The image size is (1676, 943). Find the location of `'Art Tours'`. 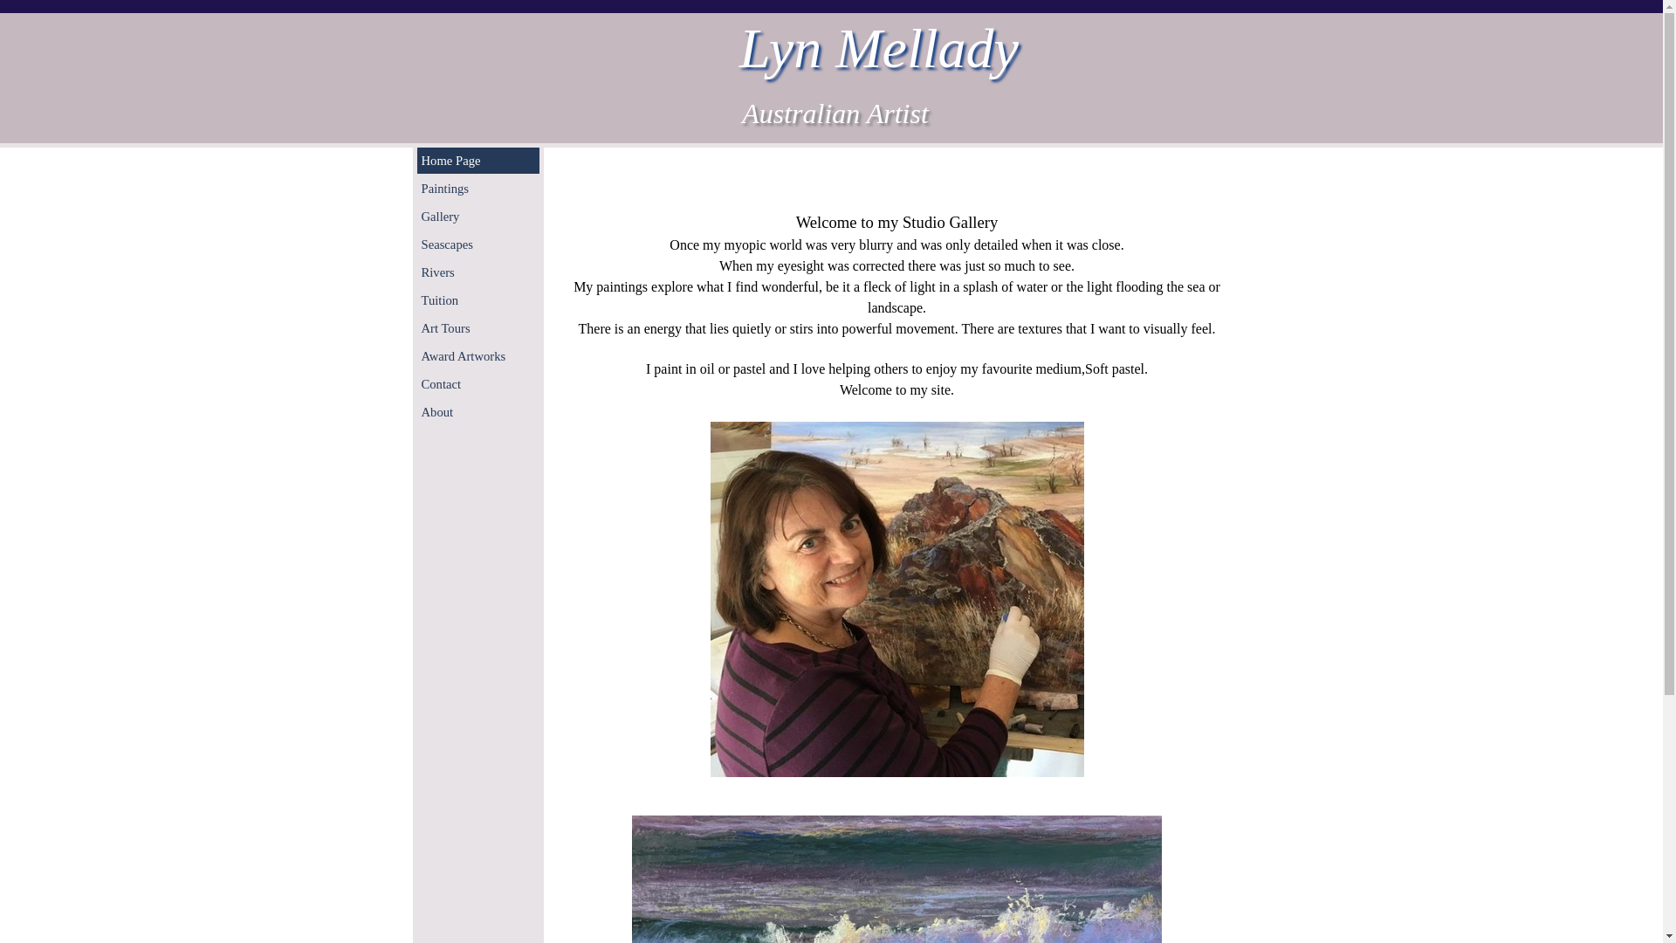

'Art Tours' is located at coordinates (477, 327).